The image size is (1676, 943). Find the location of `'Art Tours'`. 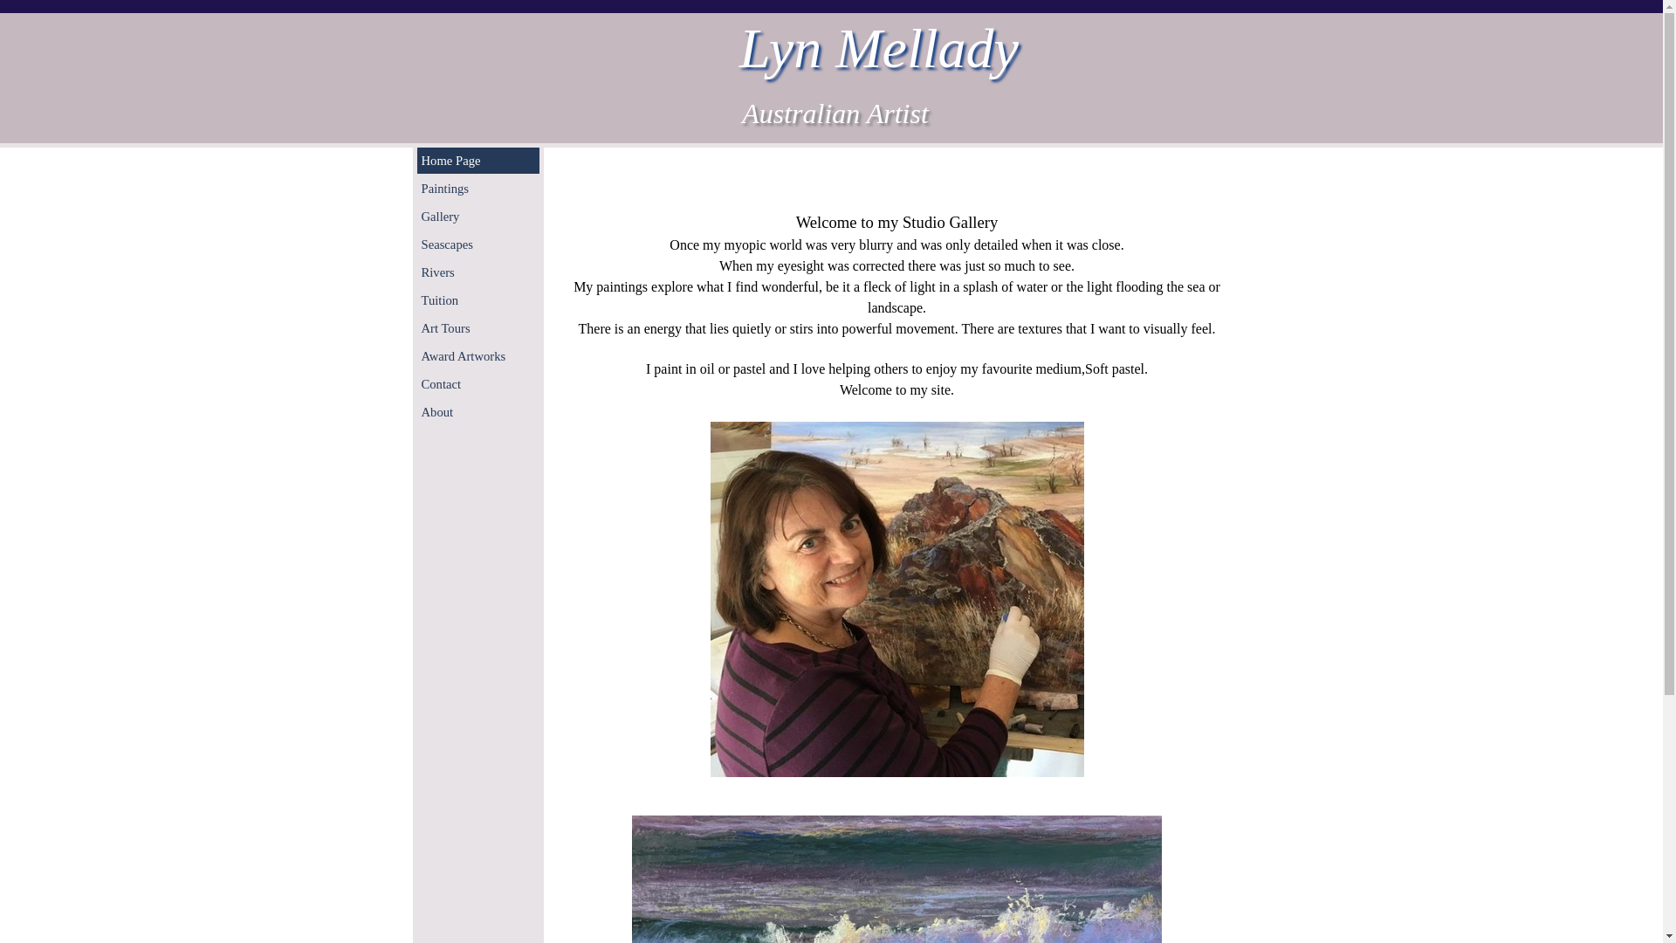

'Art Tours' is located at coordinates (477, 327).